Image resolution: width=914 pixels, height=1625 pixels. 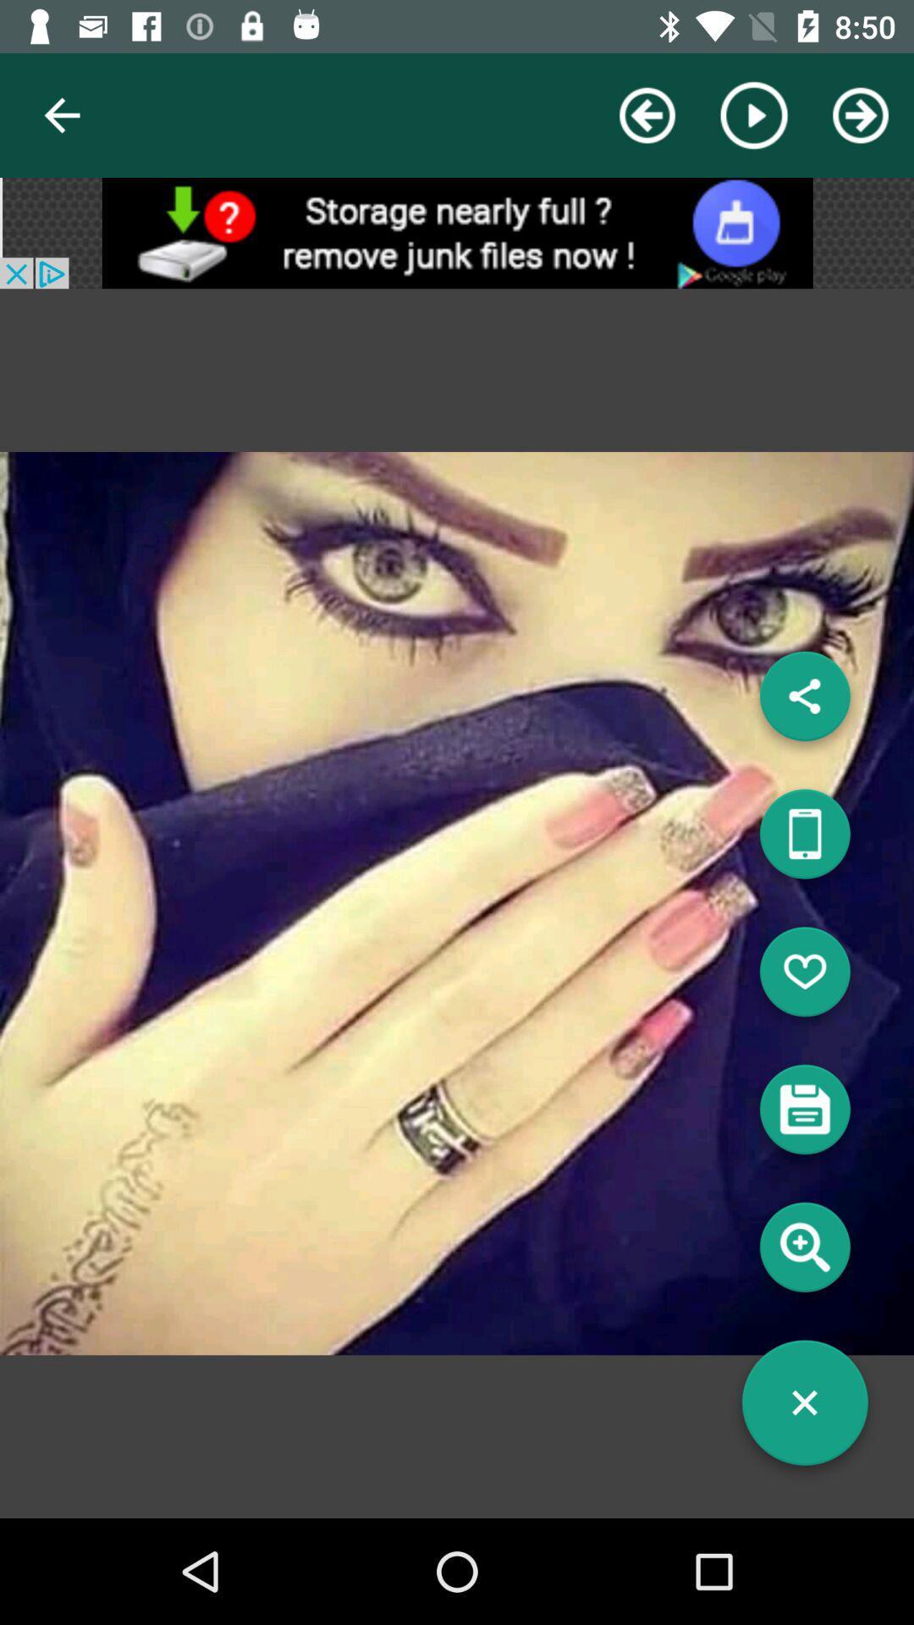 What do you see at coordinates (804, 840) in the screenshot?
I see `share button` at bounding box center [804, 840].